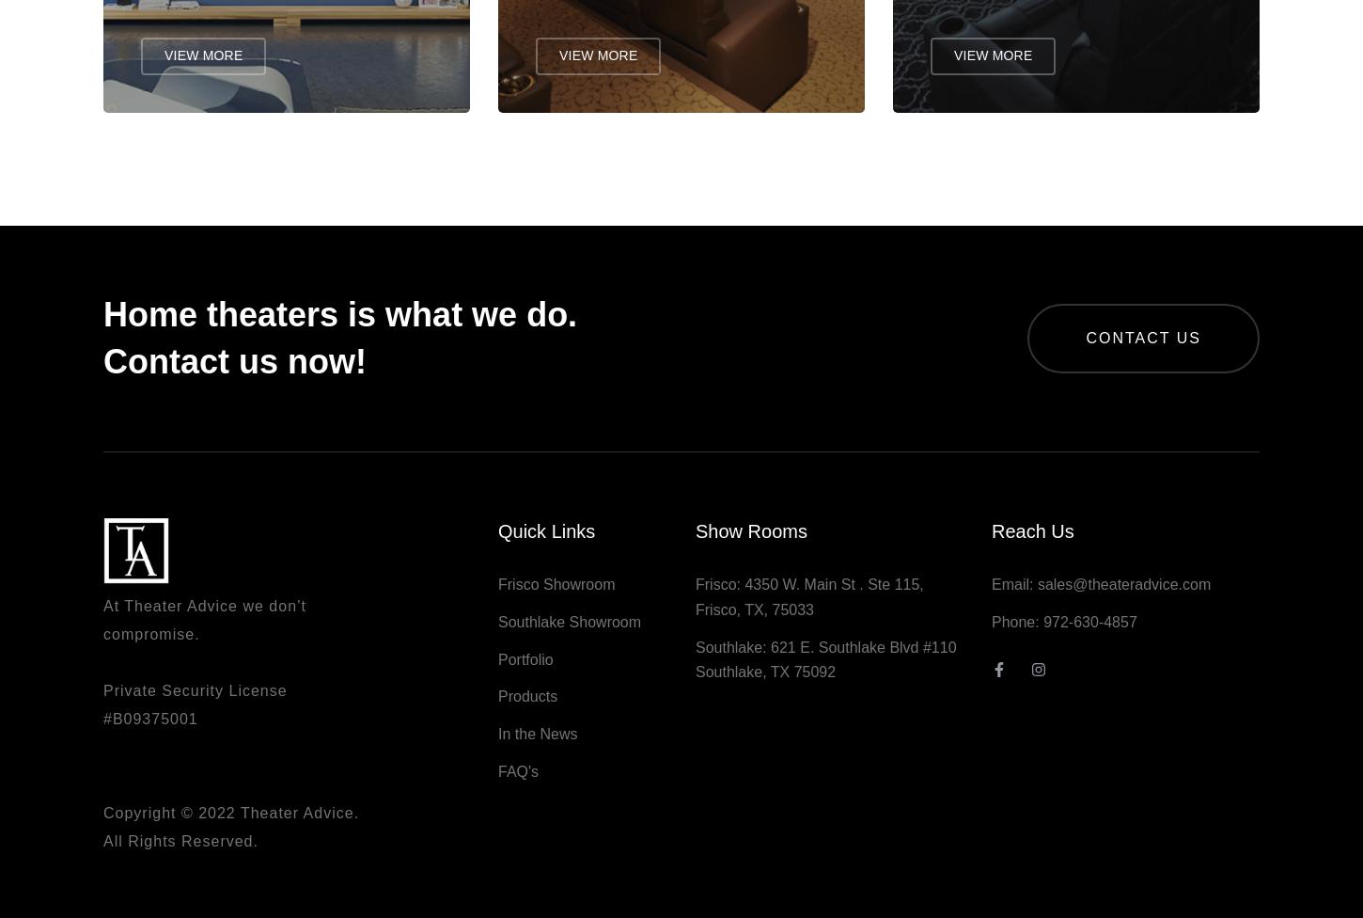  What do you see at coordinates (750, 540) in the screenshot?
I see `'Show Rooms'` at bounding box center [750, 540].